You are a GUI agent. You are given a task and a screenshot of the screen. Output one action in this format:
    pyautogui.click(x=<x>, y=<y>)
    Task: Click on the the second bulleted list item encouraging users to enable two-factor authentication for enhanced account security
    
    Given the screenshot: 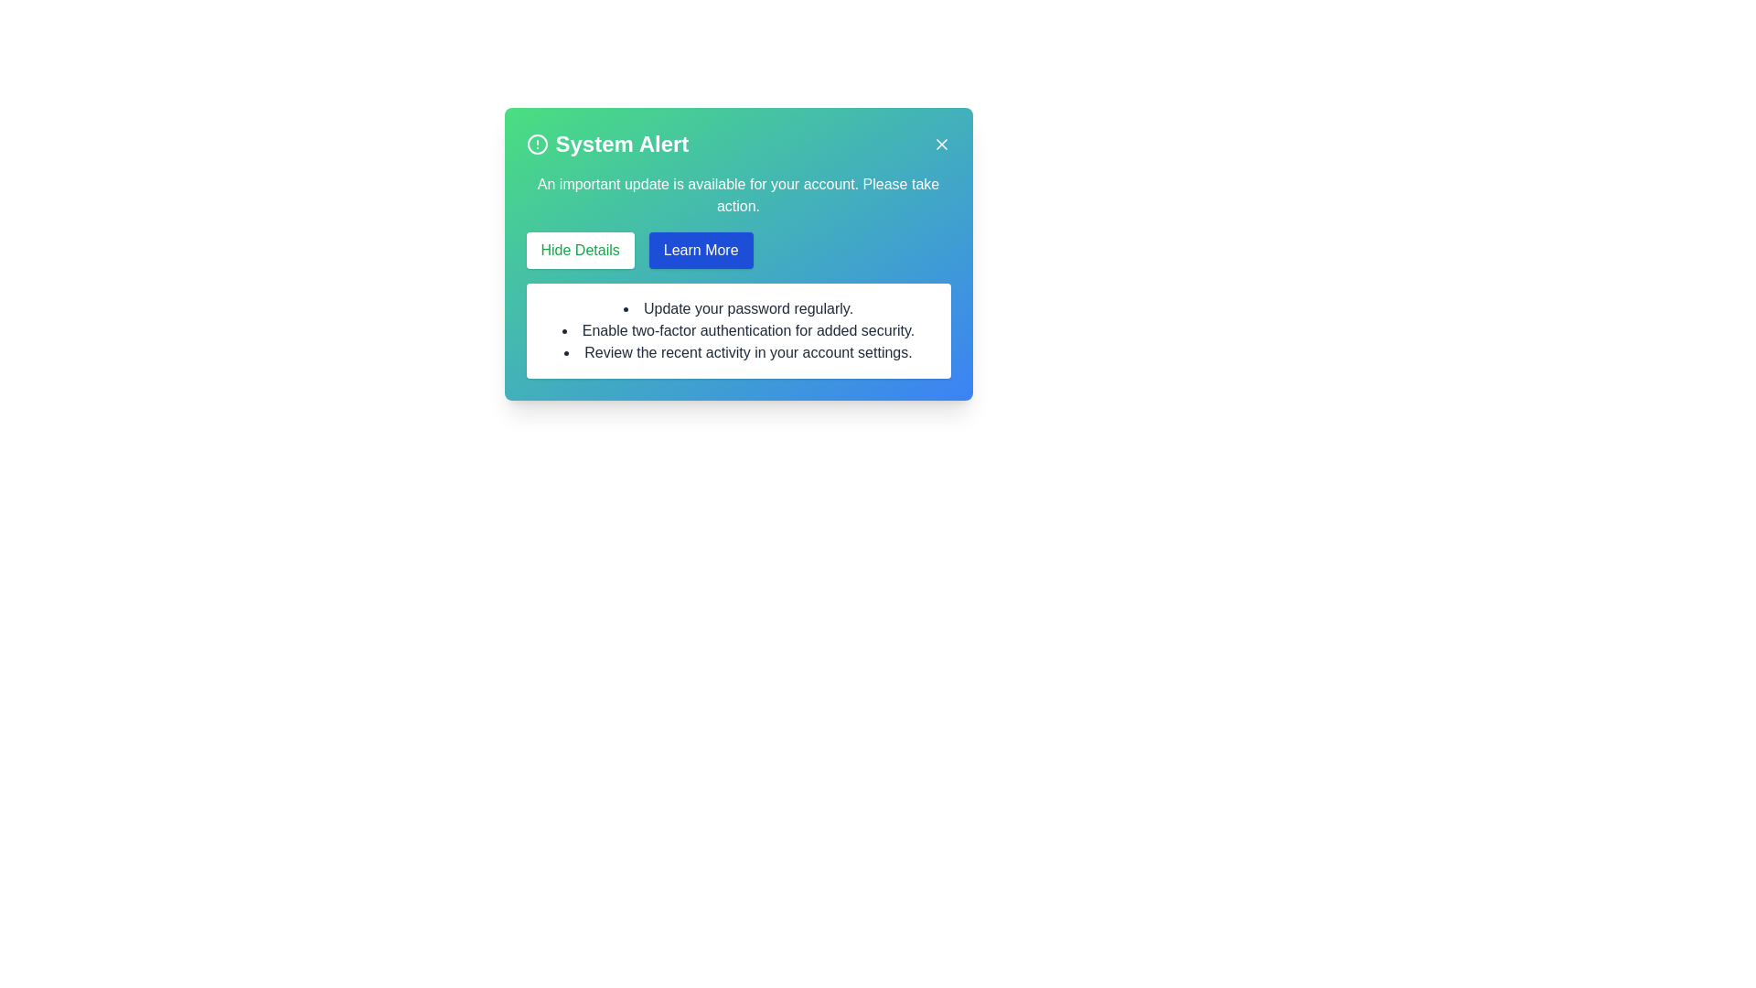 What is the action you would take?
    pyautogui.click(x=738, y=331)
    